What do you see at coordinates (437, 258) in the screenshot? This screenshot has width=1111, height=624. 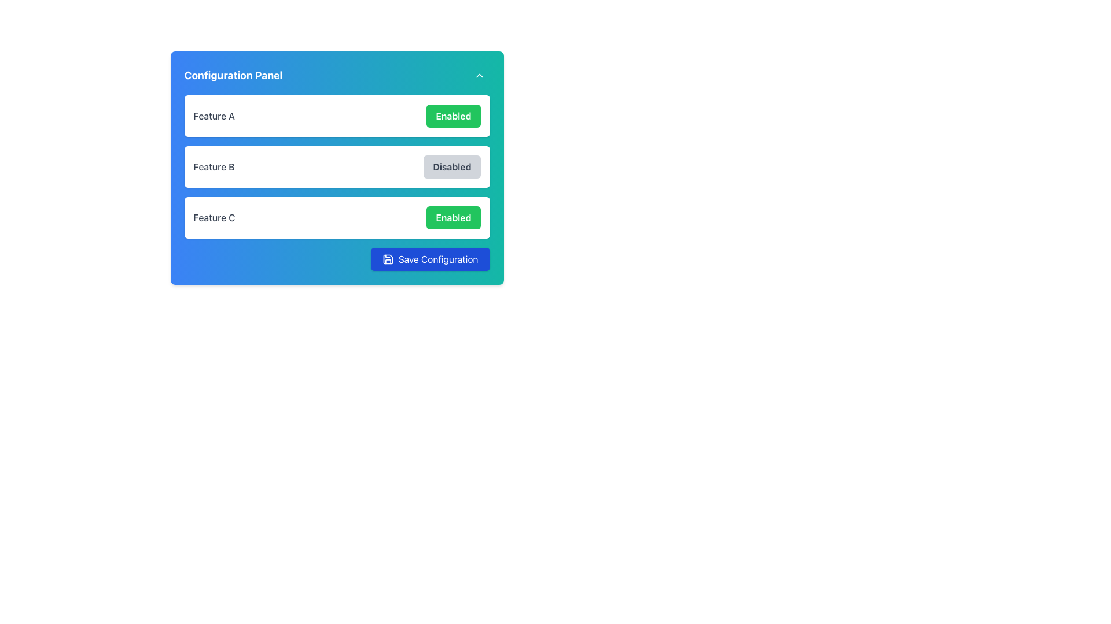 I see `the save configuration button located in the bottom-right corner of the settings panel` at bounding box center [437, 258].